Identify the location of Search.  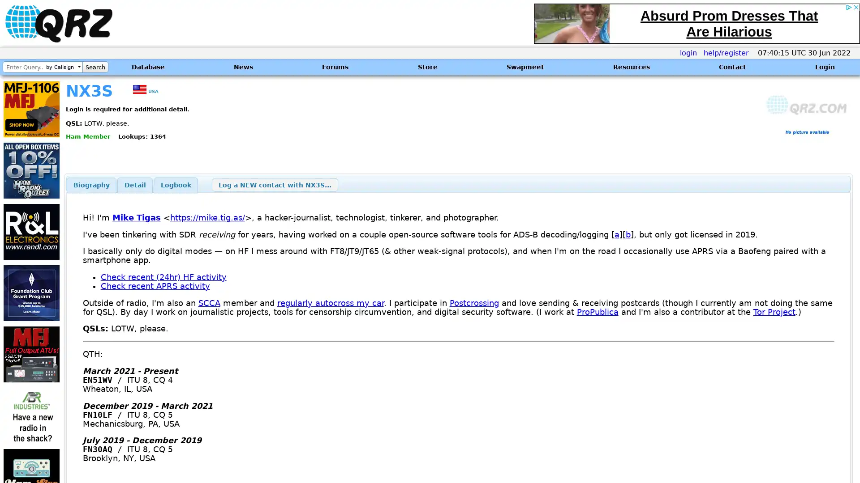
(95, 67).